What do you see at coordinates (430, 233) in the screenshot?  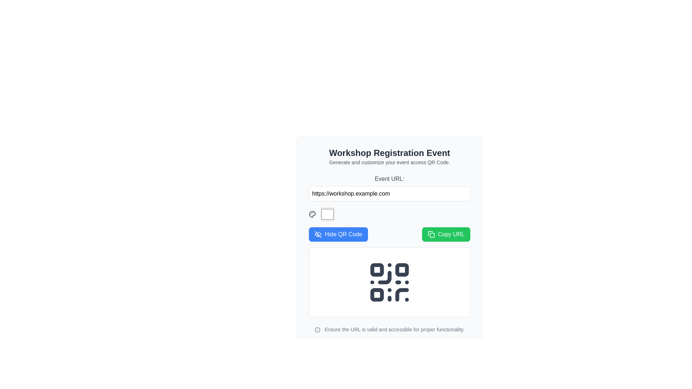 I see `the minimalist vector graphic icon located in the center-right section of the toolbar, which represents an action or status symbol` at bounding box center [430, 233].